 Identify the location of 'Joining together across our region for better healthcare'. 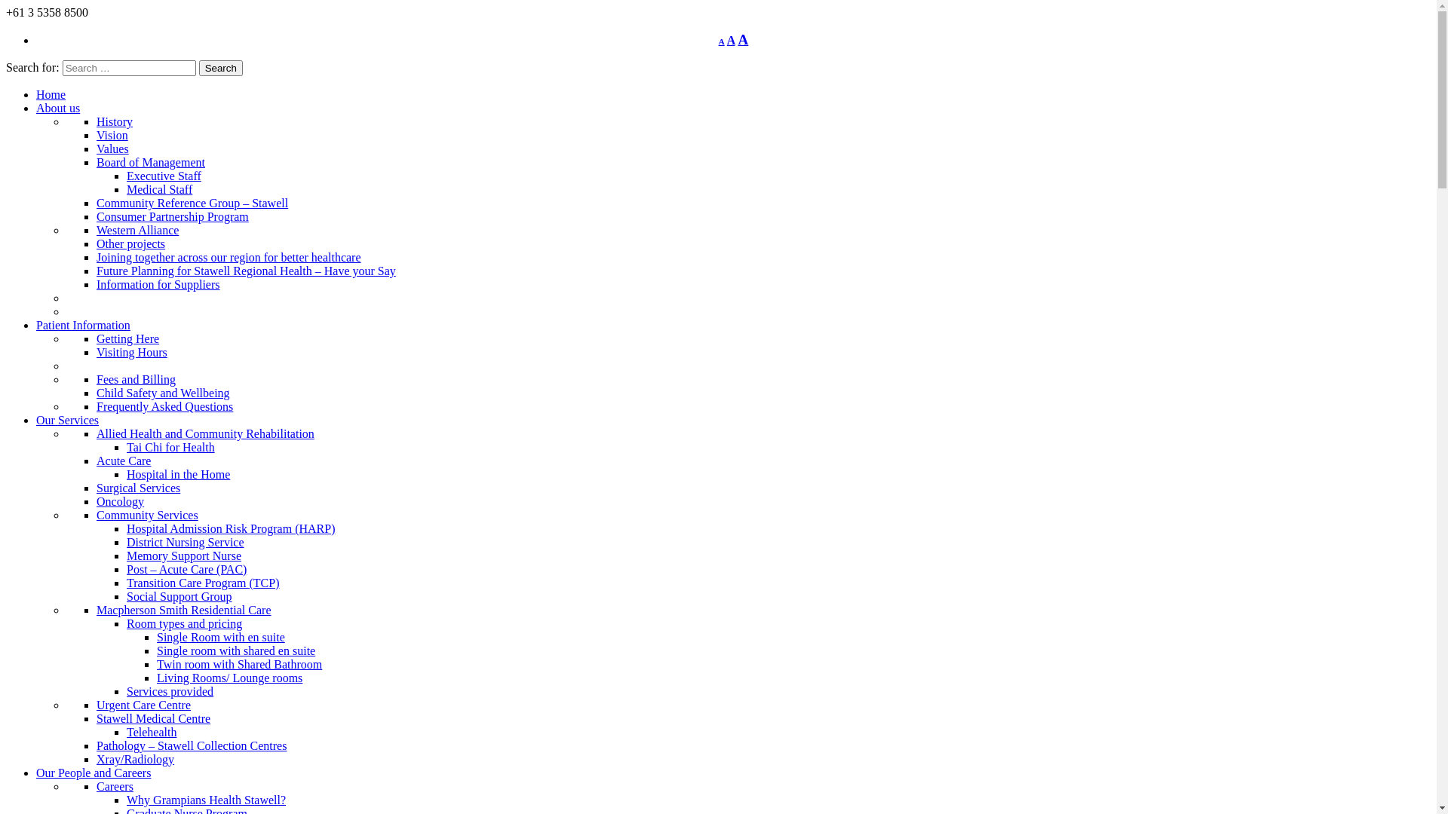
(228, 256).